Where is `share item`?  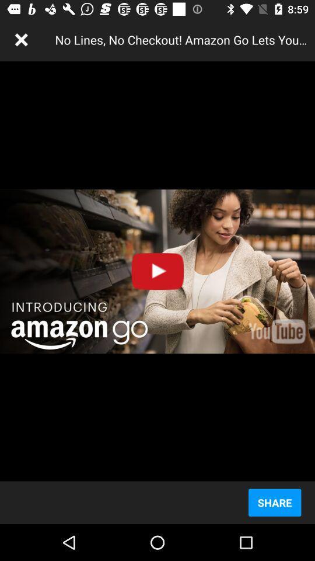 share item is located at coordinates (275, 502).